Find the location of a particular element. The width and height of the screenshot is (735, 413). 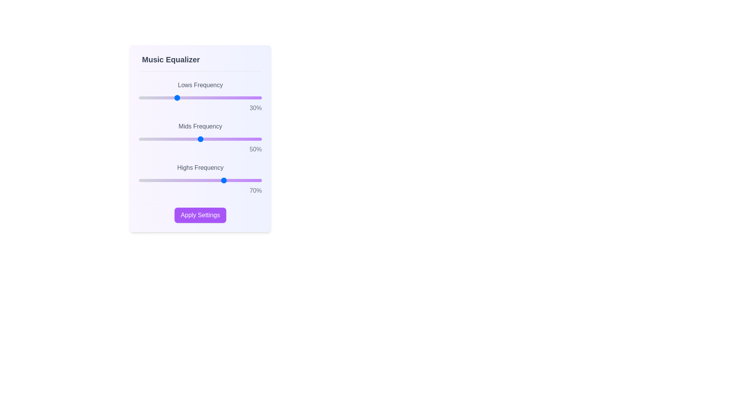

the 'Mids Frequency' slider to 51% is located at coordinates (201, 139).